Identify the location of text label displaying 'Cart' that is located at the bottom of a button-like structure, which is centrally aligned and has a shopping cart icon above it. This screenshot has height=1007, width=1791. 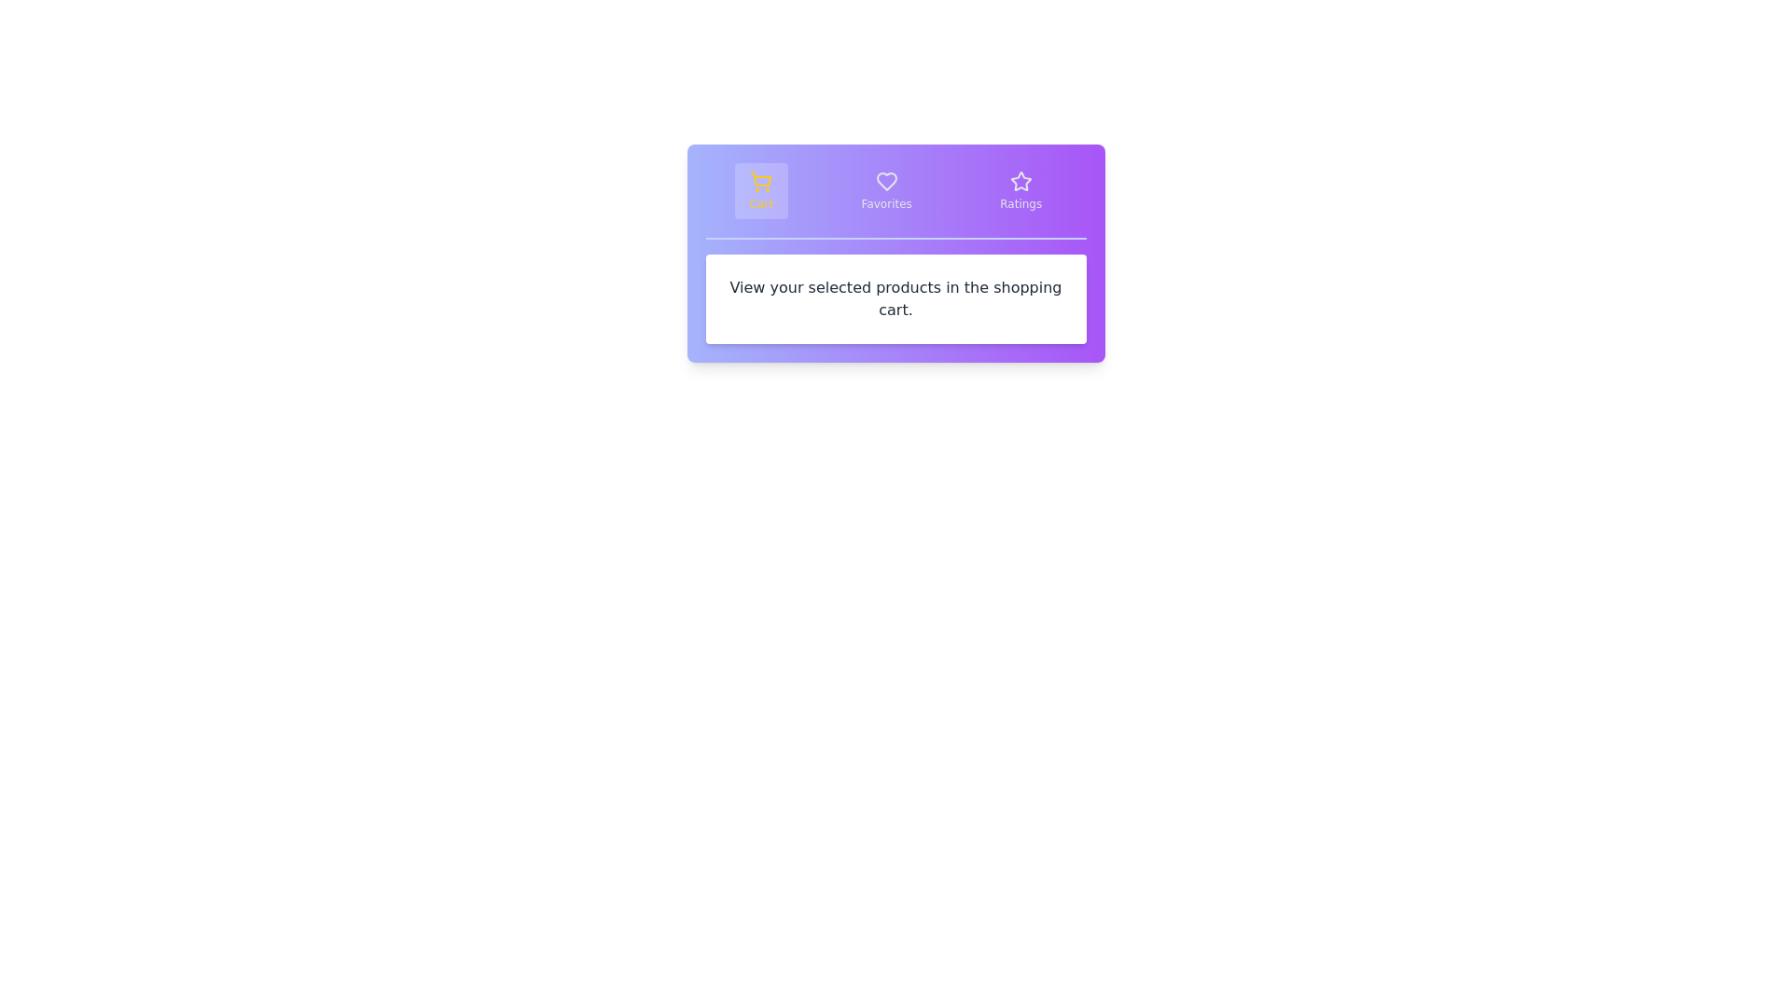
(761, 204).